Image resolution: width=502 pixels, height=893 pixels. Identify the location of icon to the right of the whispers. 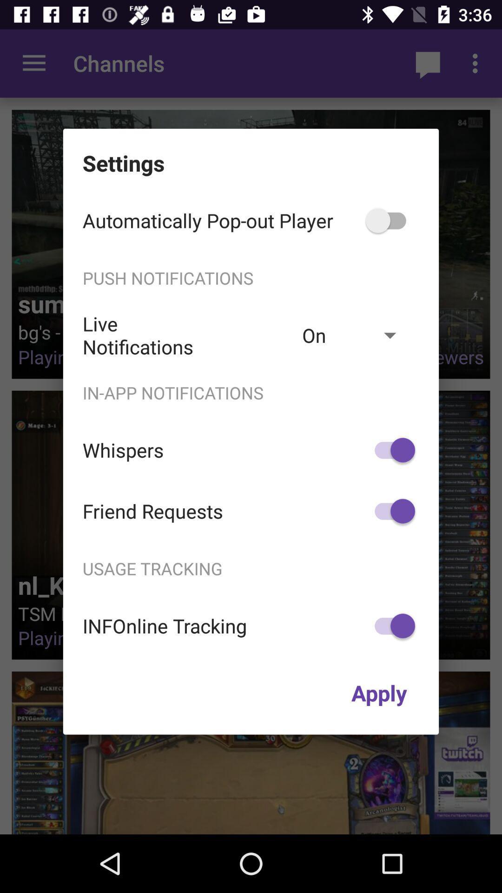
(390, 450).